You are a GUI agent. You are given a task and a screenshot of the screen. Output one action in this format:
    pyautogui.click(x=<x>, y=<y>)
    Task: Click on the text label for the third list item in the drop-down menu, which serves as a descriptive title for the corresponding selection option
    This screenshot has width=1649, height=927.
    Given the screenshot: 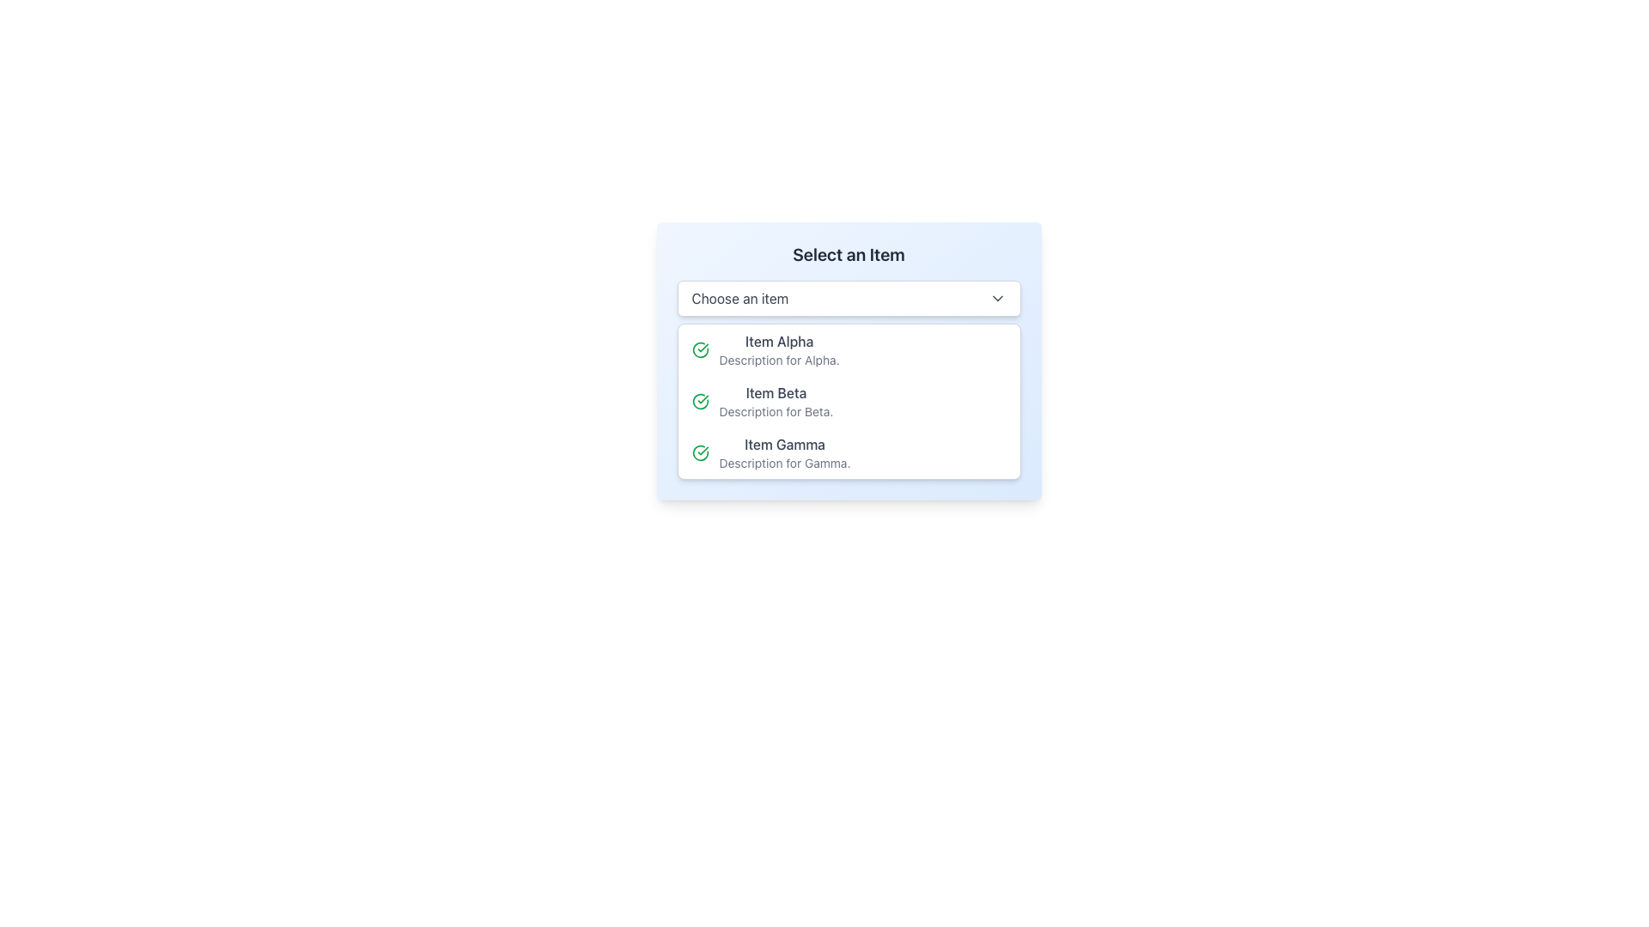 What is the action you would take?
    pyautogui.click(x=783, y=443)
    